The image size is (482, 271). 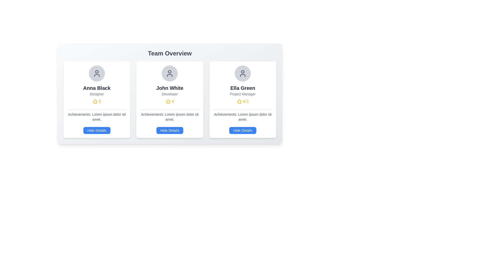 What do you see at coordinates (243, 116) in the screenshot?
I see `the text label that reads 'Achievements: Lorem ipsum dolor sit amet.' located in the card for 'Ella Green, Project Manager', positioned just above the 'Hide Details' button` at bounding box center [243, 116].